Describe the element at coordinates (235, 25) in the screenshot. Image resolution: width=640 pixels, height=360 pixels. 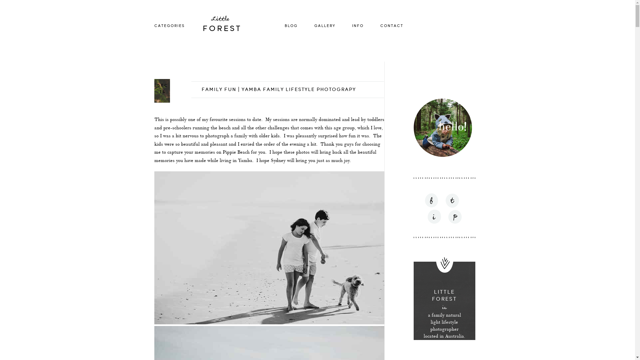
I see `'Little` at that location.